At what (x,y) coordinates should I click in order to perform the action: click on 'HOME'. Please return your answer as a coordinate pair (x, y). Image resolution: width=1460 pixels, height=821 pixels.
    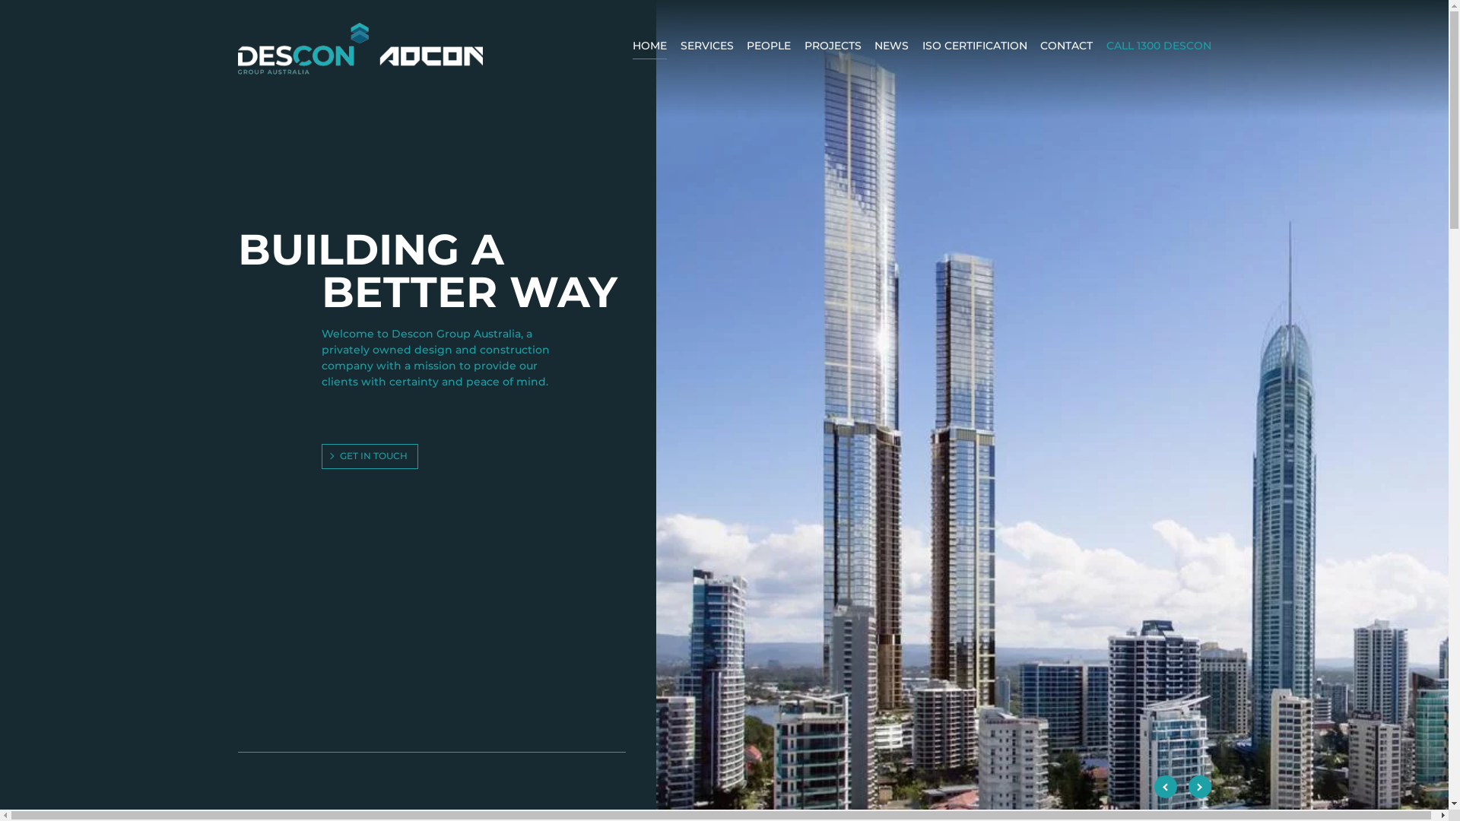
    Looking at the image, I should click on (649, 48).